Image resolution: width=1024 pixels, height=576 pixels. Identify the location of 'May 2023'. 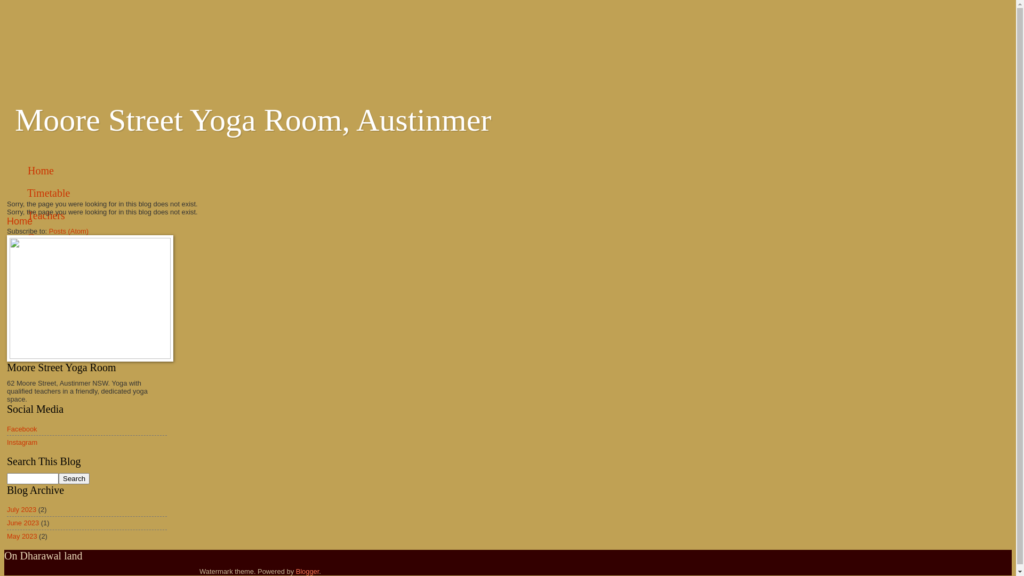
(7, 536).